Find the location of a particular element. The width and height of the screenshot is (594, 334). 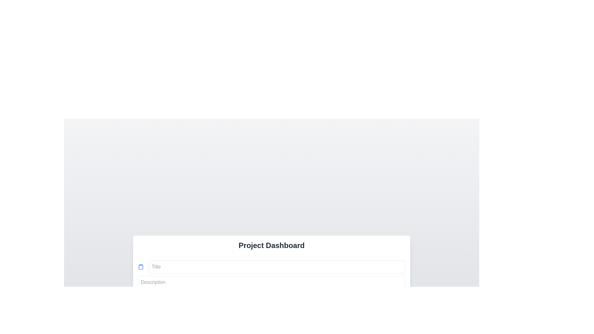

the leftmost button located below the 'Project Dashboard' section is located at coordinates (161, 324).